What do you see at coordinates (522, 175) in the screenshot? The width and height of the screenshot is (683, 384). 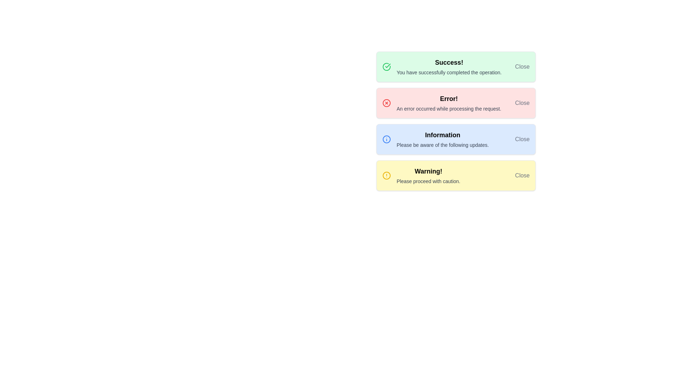 I see `the 'Close' button which is styled with gray text and located at the far right of the yellow warning notification box` at bounding box center [522, 175].